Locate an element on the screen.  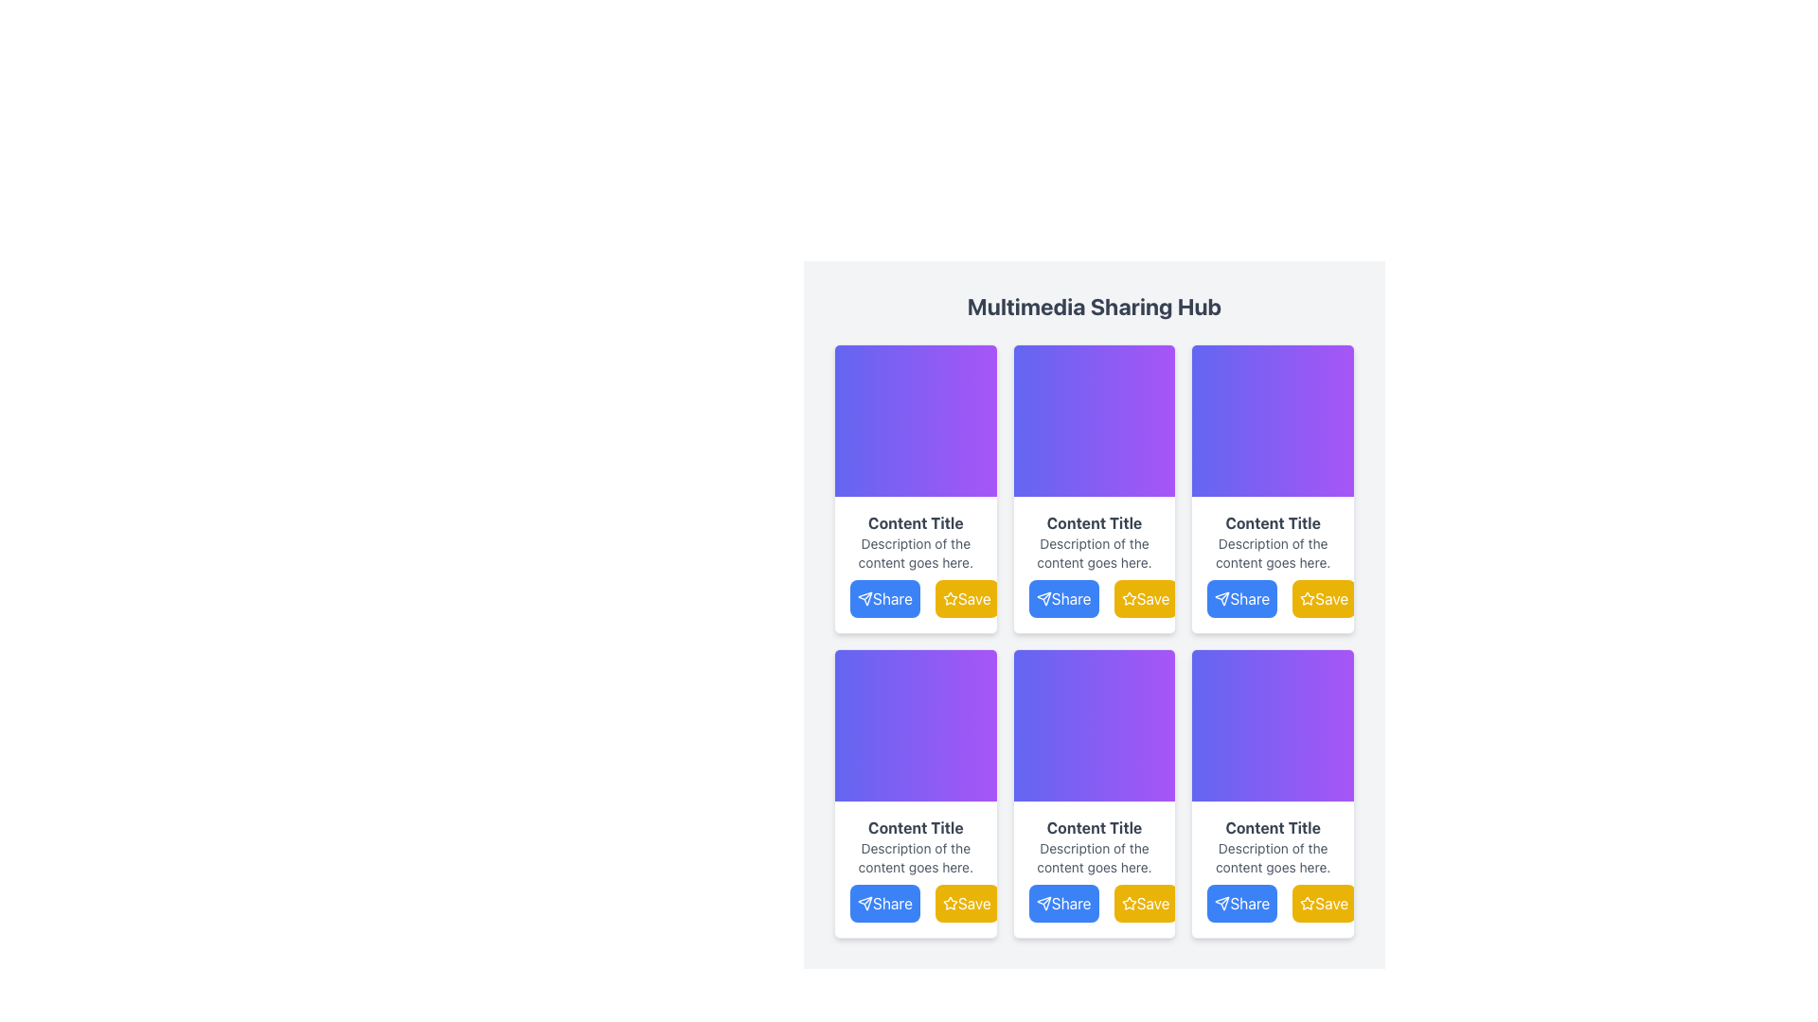
the blue 'Share' button with rounded corners and white text to potentially display a tooltip is located at coordinates (1095, 598).